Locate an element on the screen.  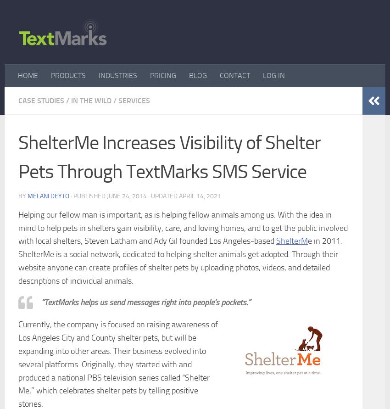
'June 24, 2014' is located at coordinates (126, 196).